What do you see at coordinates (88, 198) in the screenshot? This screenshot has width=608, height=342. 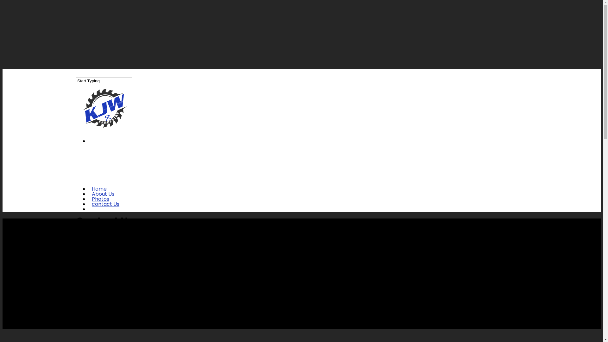 I see `'About Us'` at bounding box center [88, 198].